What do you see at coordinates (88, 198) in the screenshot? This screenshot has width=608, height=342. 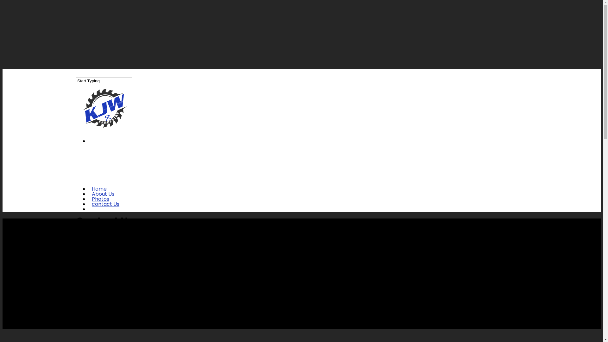 I see `'About Us'` at bounding box center [88, 198].